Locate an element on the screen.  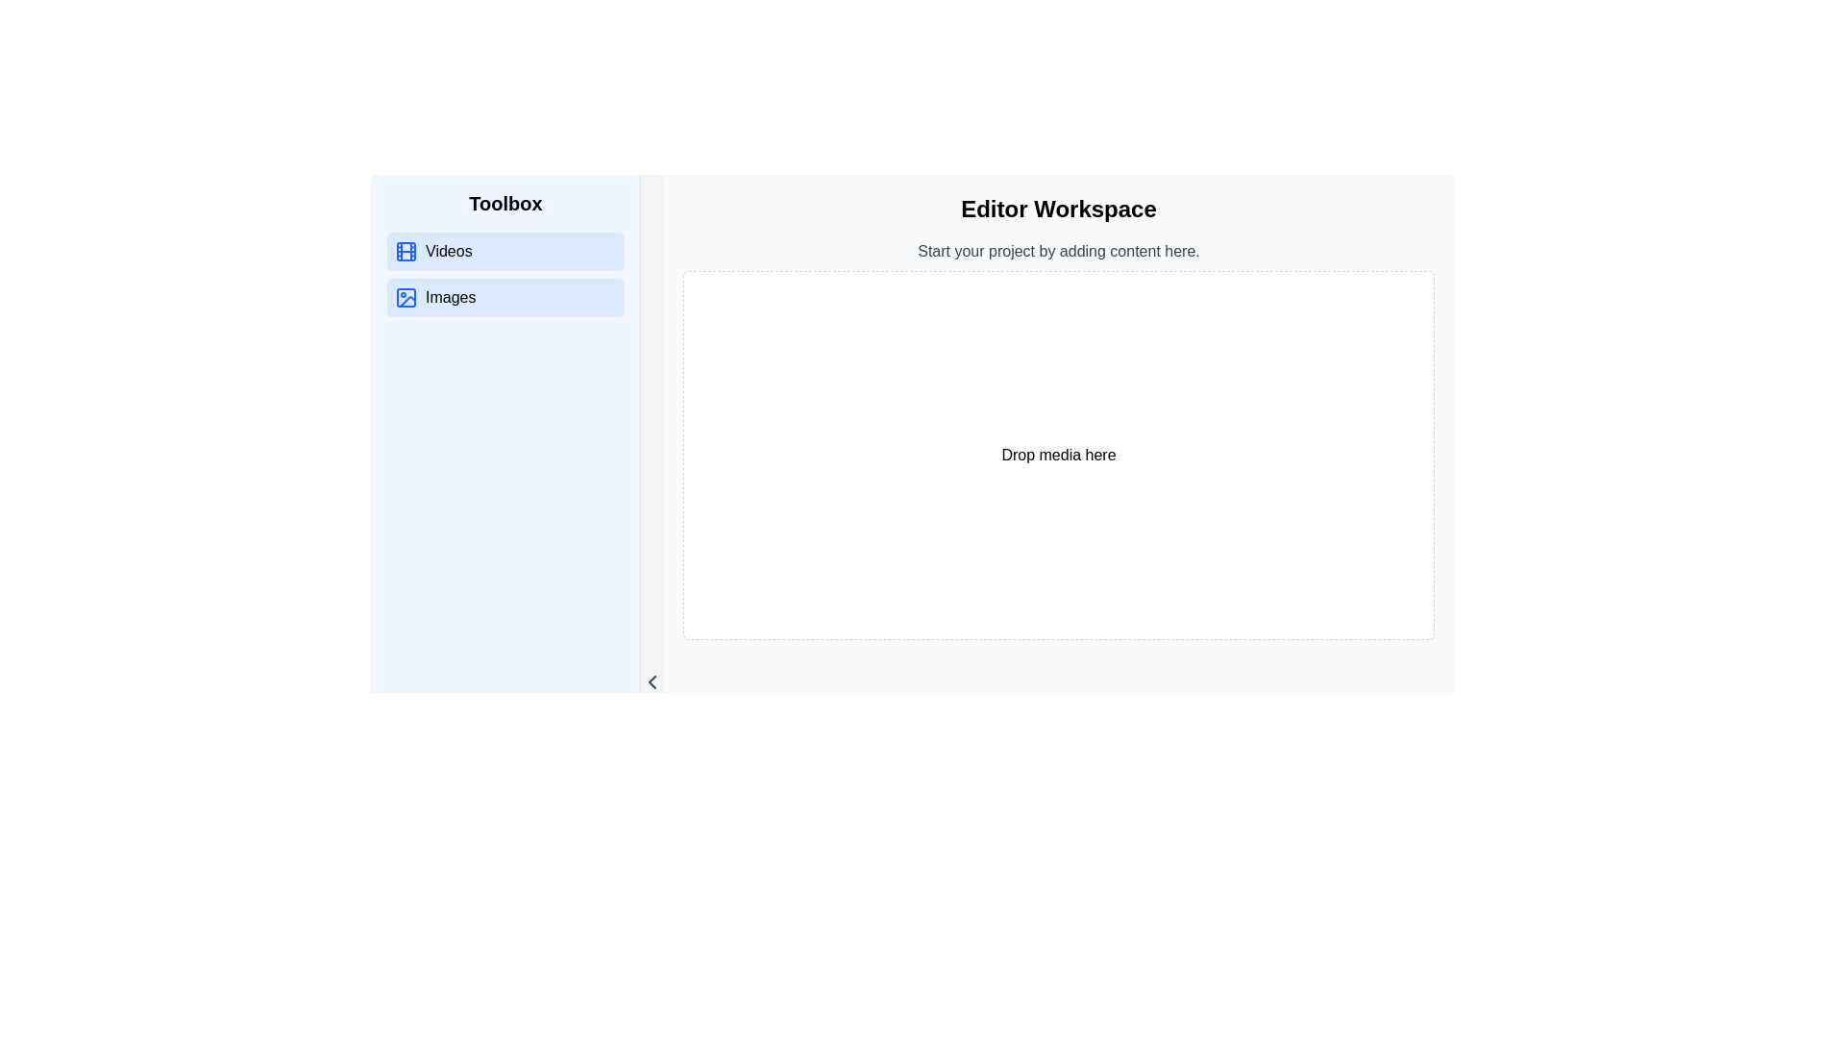
the 'Videos' section in the navigation menu located in the Toolbox sidebar is located at coordinates (505, 274).